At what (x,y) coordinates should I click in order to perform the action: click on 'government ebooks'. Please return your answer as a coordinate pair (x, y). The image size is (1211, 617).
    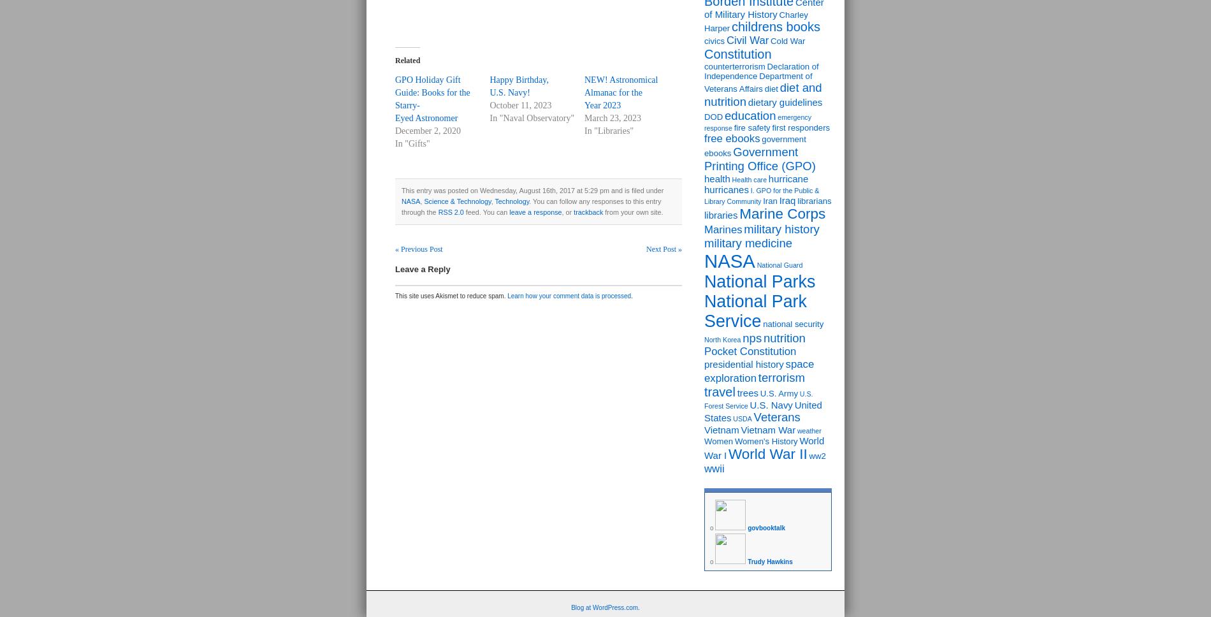
    Looking at the image, I should click on (755, 145).